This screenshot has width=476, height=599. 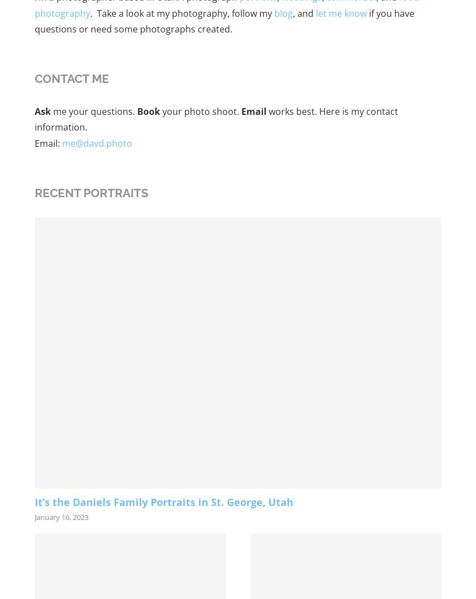 I want to click on 'Recent Portraits', so click(x=91, y=192).